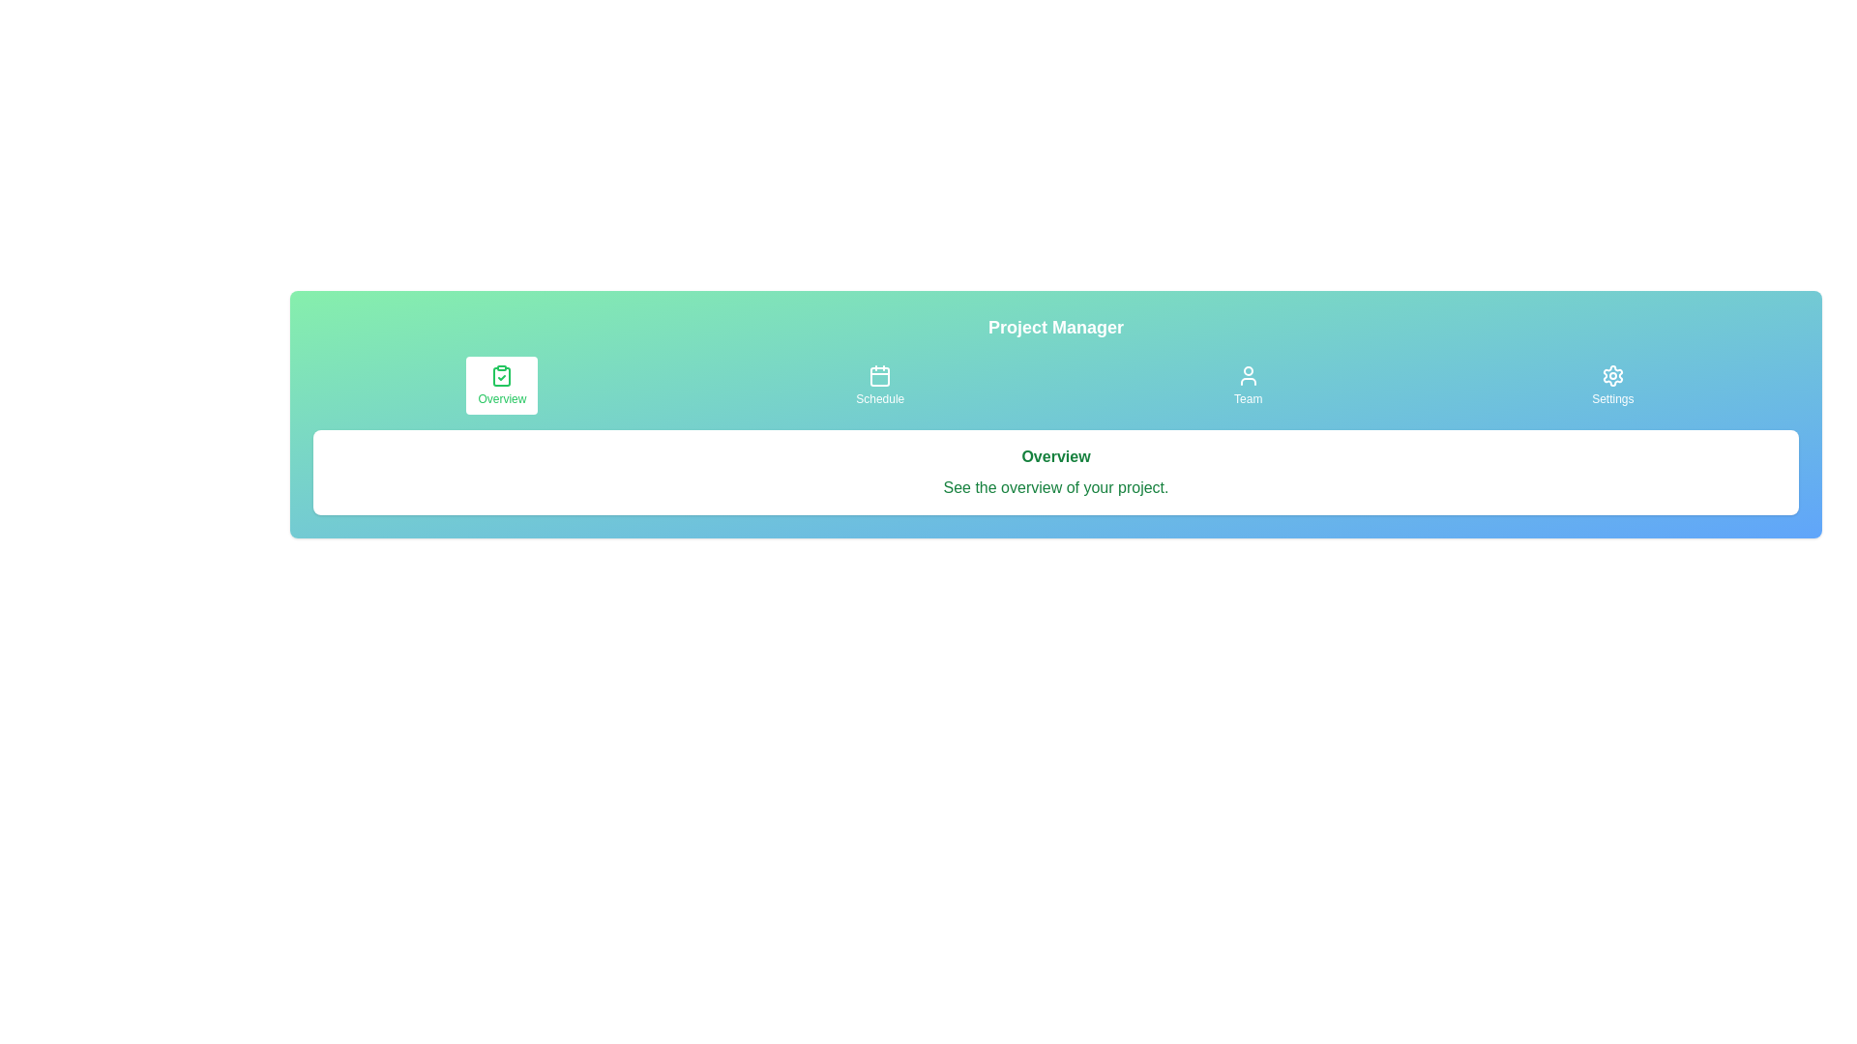 The image size is (1857, 1044). Describe the element at coordinates (1612, 376) in the screenshot. I see `the 'Settings' icon located in the top-right corner of the interface` at that location.